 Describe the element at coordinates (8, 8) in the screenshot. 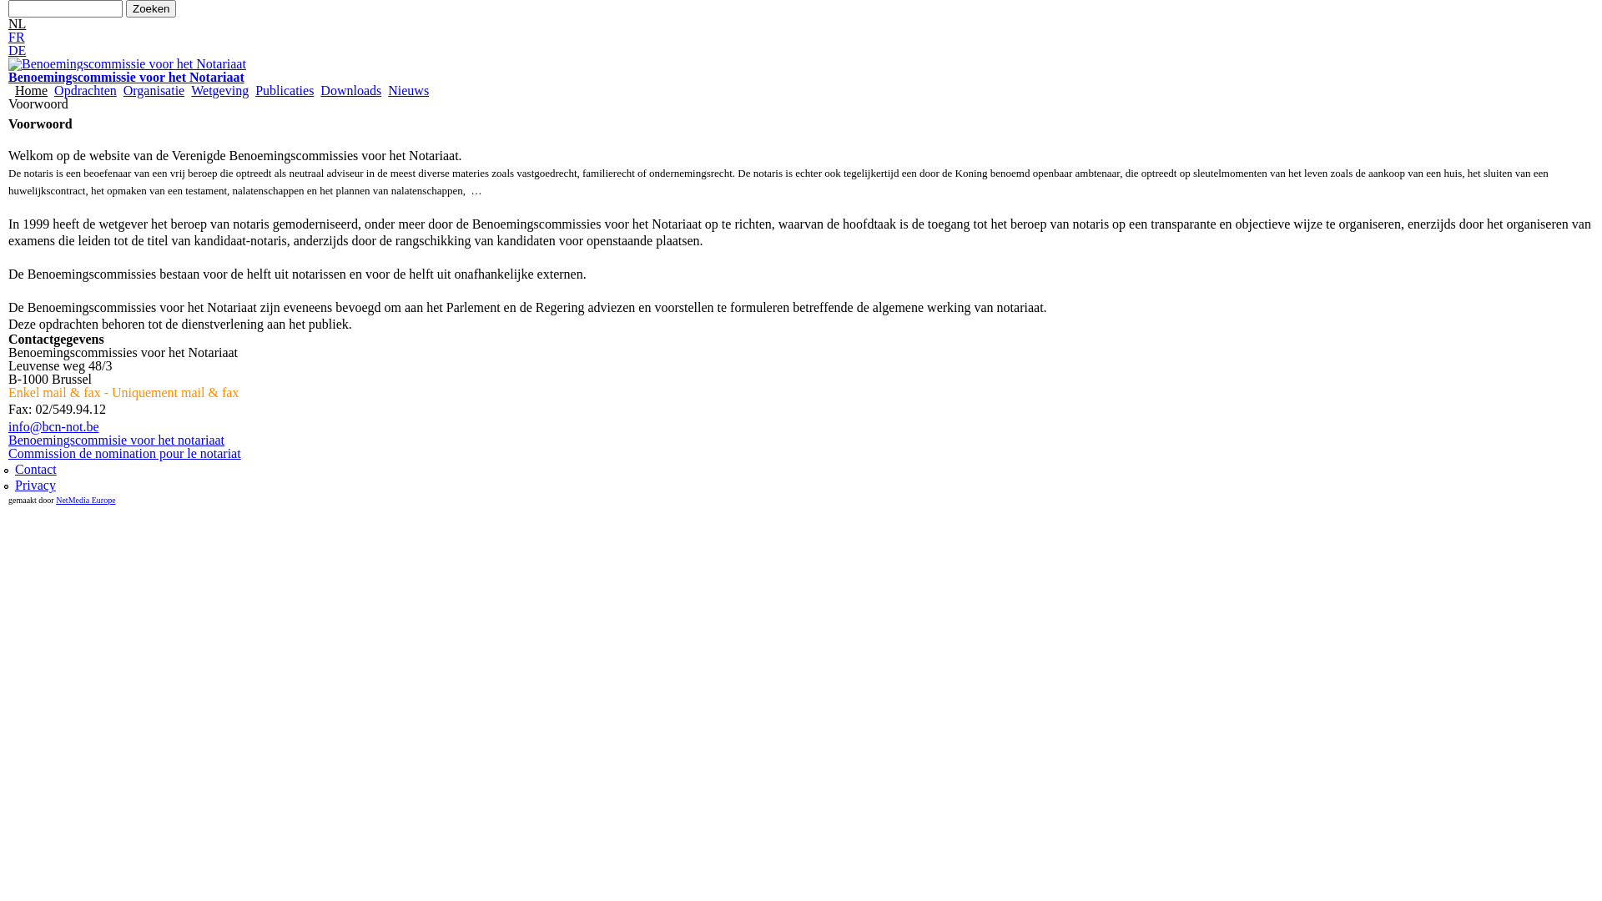

I see `'Geef de woorden op waarnaar u wilt zoeken.'` at that location.